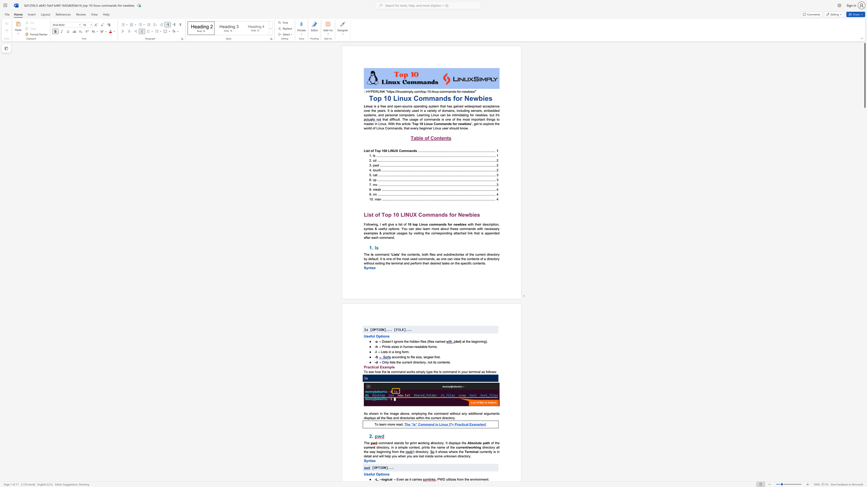 This screenshot has height=487, width=867. Describe the element at coordinates (485, 413) in the screenshot. I see `the 1th character "a" in the text` at that location.